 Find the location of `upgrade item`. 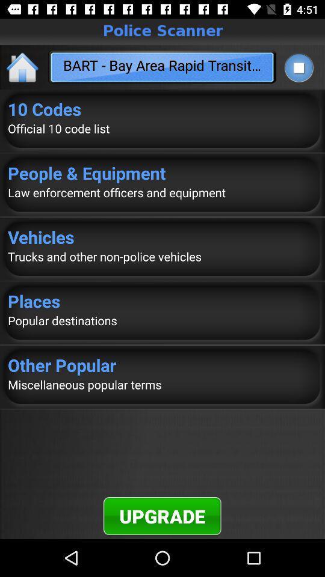

upgrade item is located at coordinates (162, 515).